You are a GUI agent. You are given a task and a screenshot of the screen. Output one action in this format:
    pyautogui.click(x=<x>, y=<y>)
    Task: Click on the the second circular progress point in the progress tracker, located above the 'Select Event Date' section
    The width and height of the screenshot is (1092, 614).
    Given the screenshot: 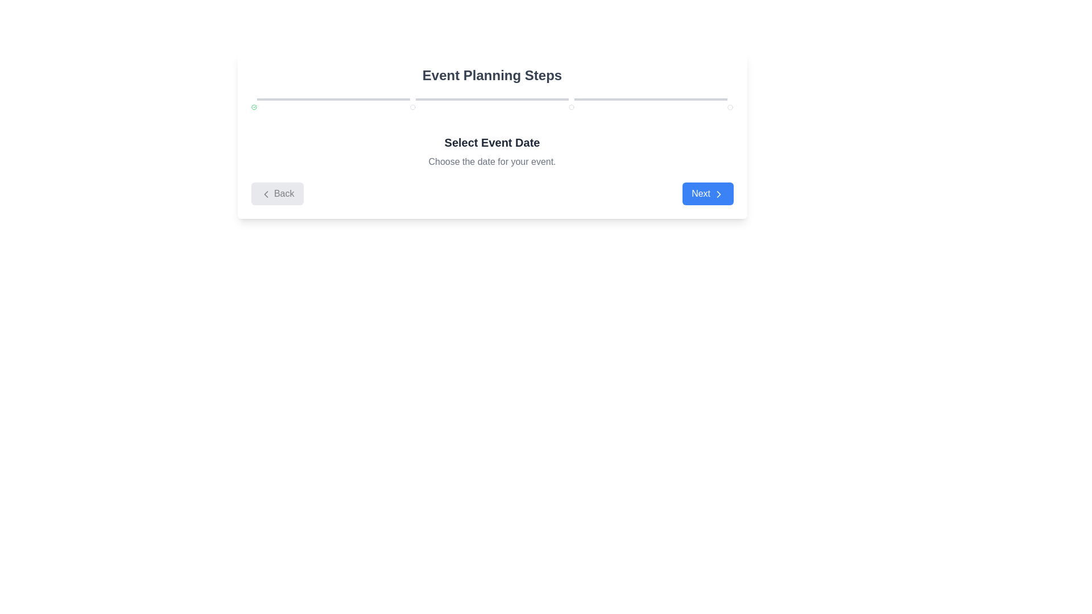 What is the action you would take?
    pyautogui.click(x=412, y=107)
    